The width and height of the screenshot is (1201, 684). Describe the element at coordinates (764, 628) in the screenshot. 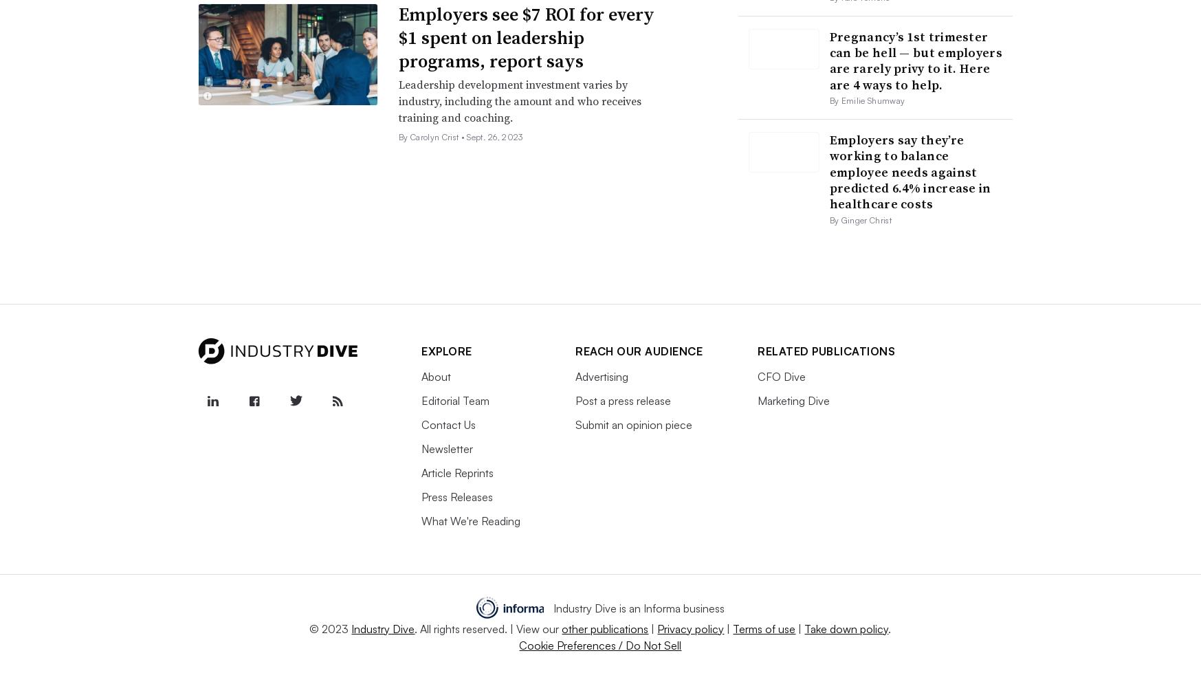

I see `'Terms of use'` at that location.